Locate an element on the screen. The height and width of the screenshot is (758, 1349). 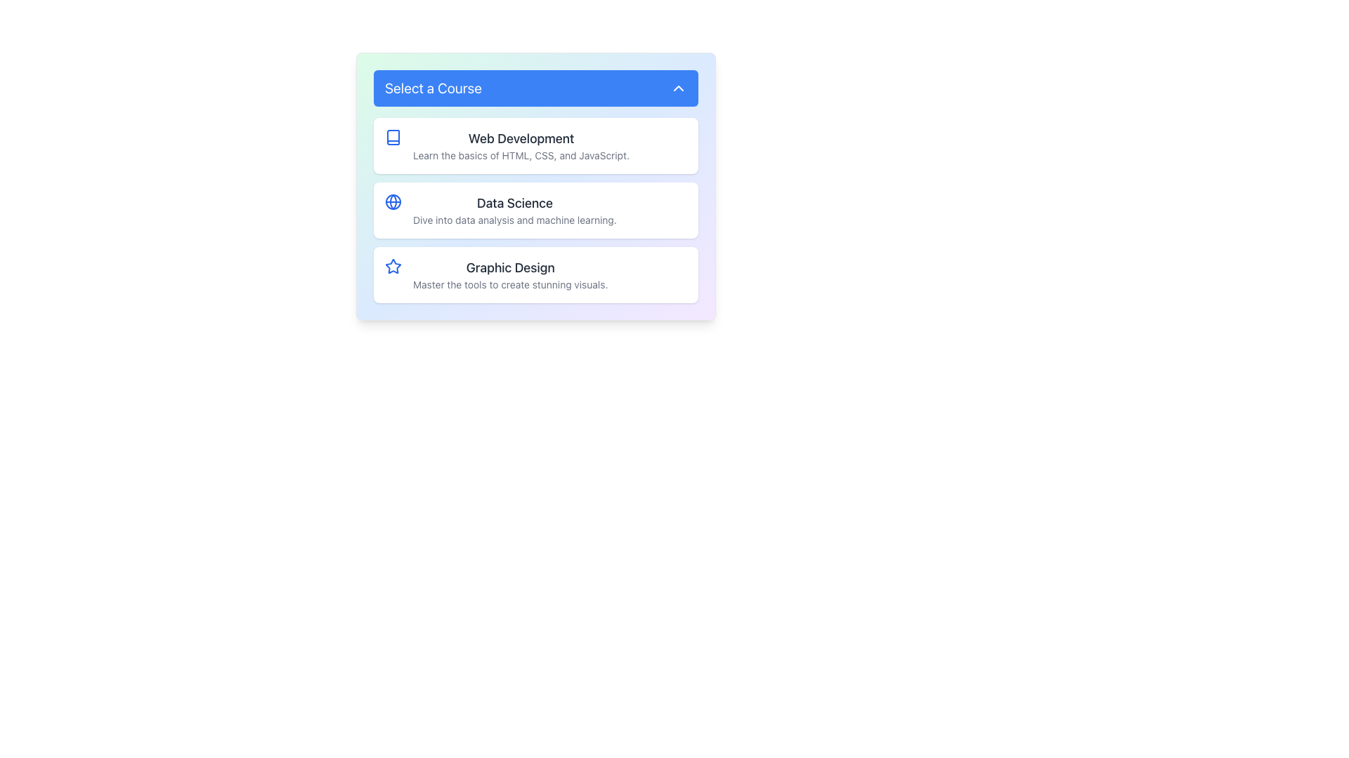
the blue circular globe icon with latitude and longitude curves located to the left of the 'Data Science' title within its card is located at coordinates (393, 202).